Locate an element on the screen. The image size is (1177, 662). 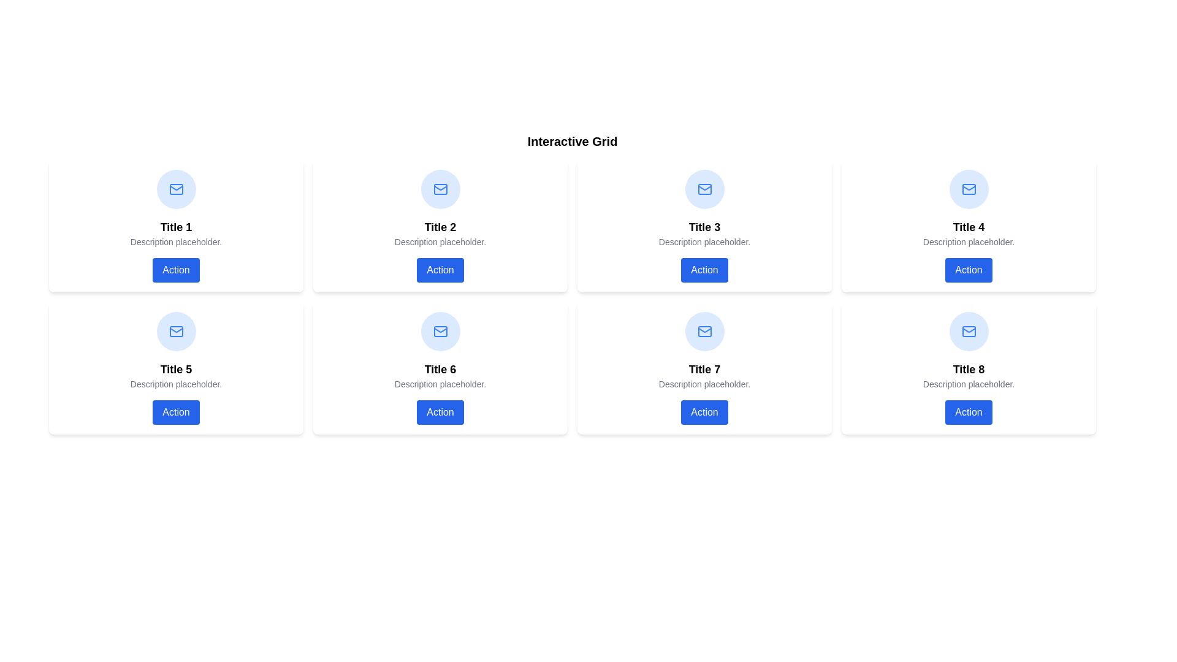
the button labeled 'Action' located at the bottom of the card in the second column of the first row is located at coordinates (440, 269).